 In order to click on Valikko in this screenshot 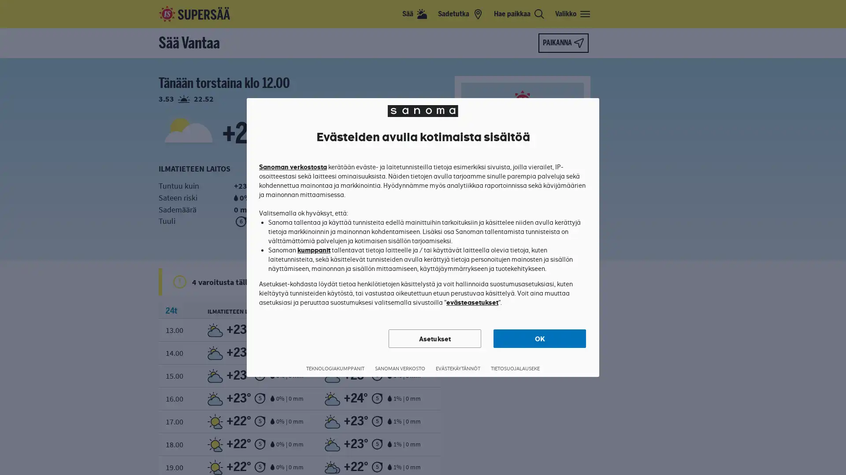, I will do `click(573, 14)`.